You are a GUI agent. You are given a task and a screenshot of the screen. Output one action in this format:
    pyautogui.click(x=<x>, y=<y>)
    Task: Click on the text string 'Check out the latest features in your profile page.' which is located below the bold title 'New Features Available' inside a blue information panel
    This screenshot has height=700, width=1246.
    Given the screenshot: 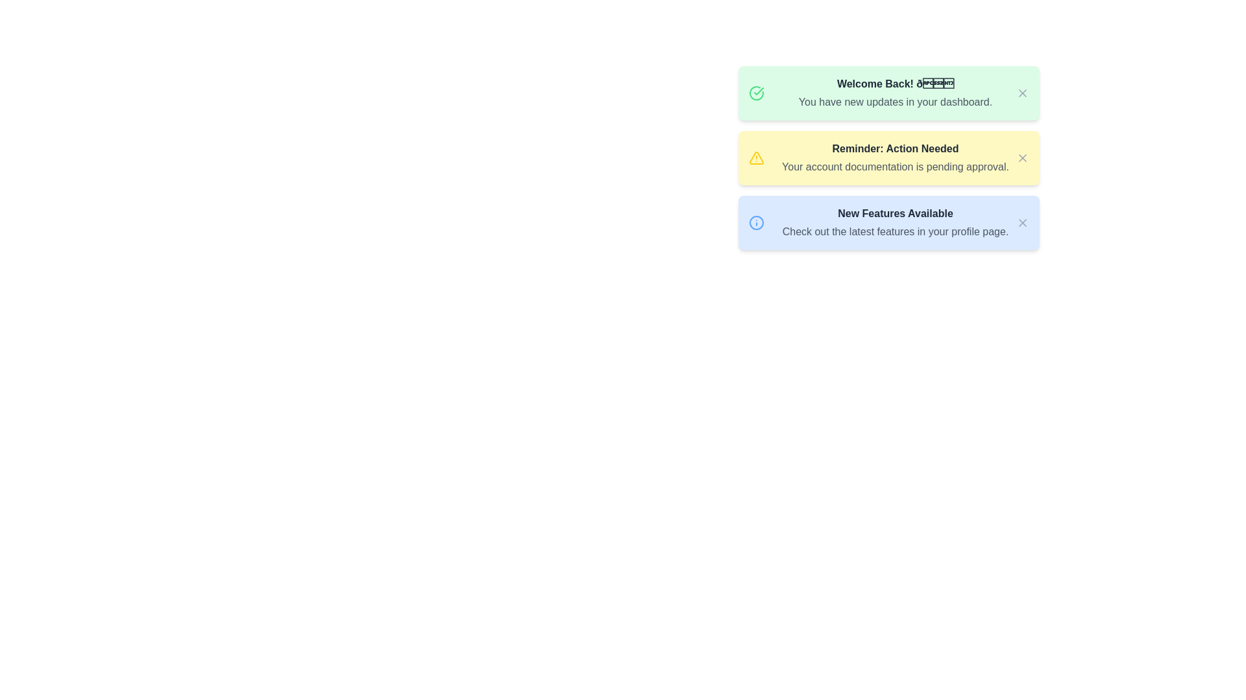 What is the action you would take?
    pyautogui.click(x=895, y=231)
    